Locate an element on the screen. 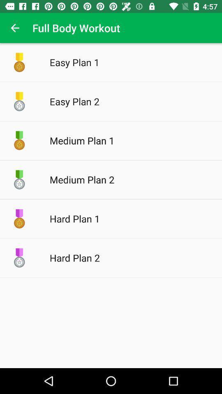  icon on the left side of medium plan 1 is located at coordinates (19, 141).